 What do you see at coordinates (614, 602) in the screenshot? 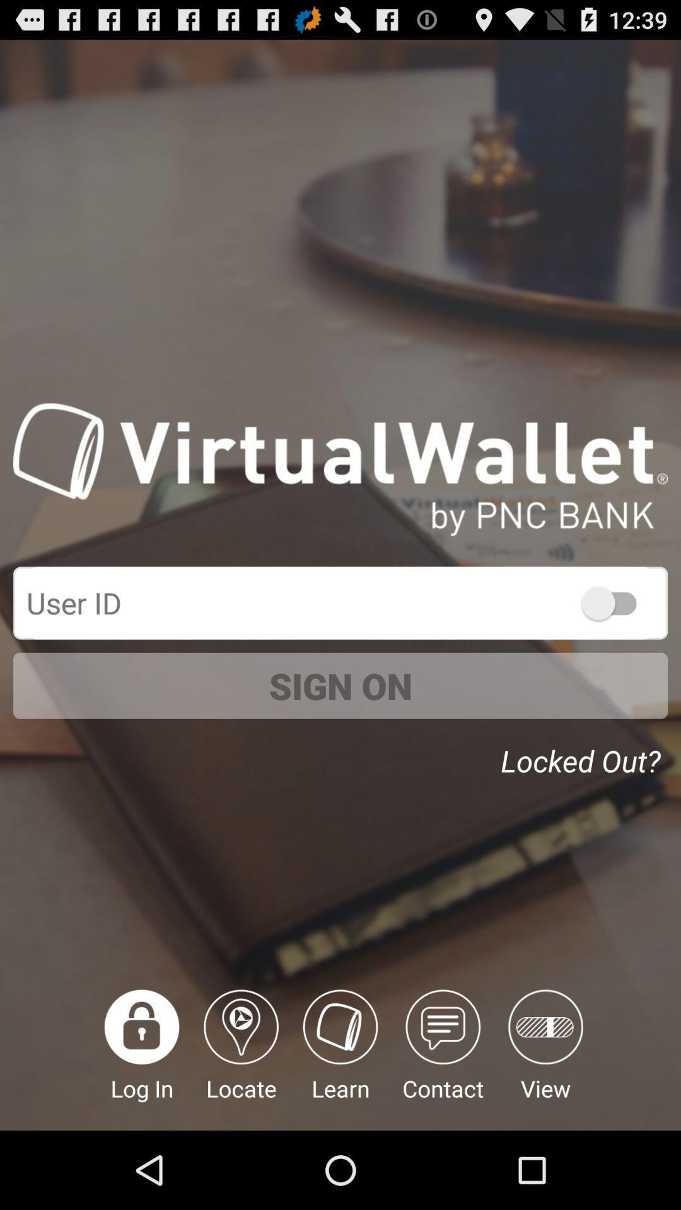
I see `to display userid` at bounding box center [614, 602].